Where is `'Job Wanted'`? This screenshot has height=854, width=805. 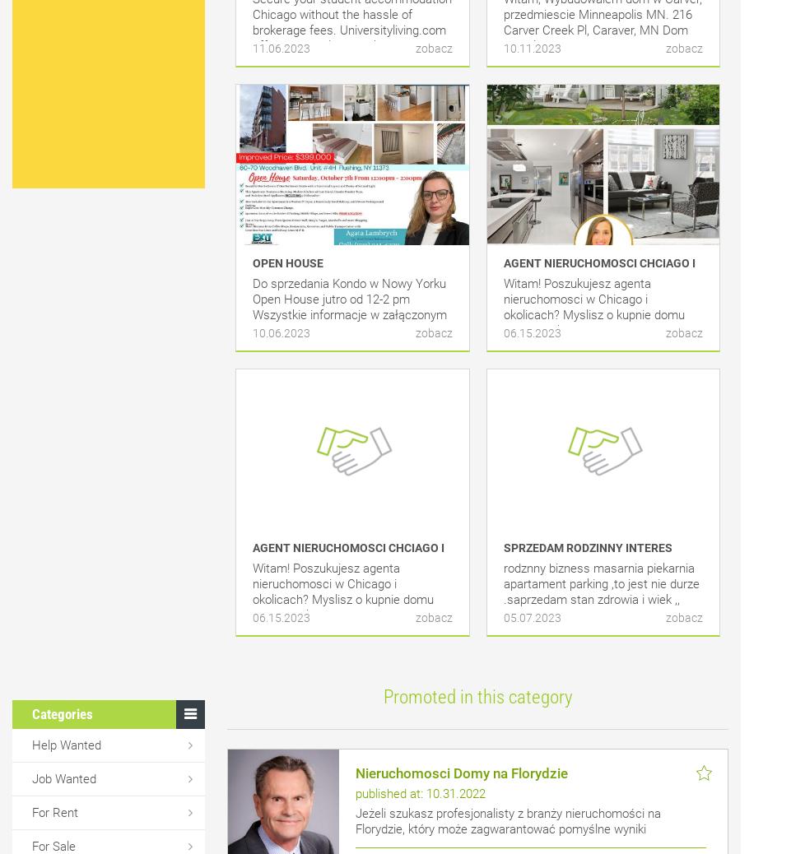 'Job Wanted' is located at coordinates (32, 778).